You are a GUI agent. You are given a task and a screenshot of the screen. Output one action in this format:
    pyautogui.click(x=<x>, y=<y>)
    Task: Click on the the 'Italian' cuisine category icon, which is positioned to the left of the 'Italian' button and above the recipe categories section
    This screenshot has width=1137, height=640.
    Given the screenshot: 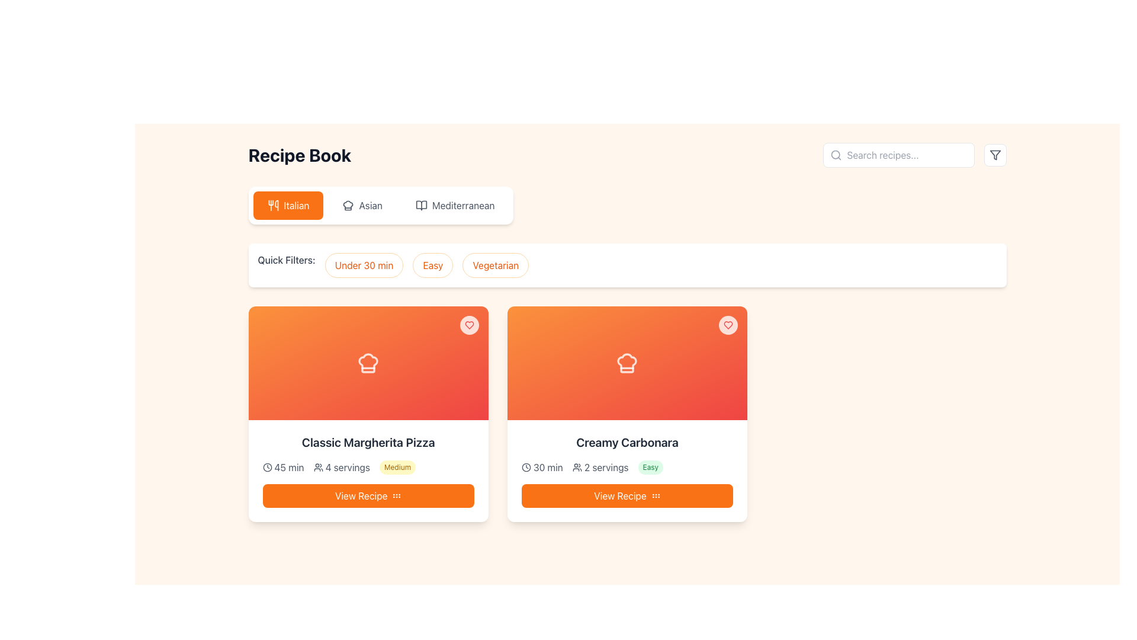 What is the action you would take?
    pyautogui.click(x=272, y=205)
    